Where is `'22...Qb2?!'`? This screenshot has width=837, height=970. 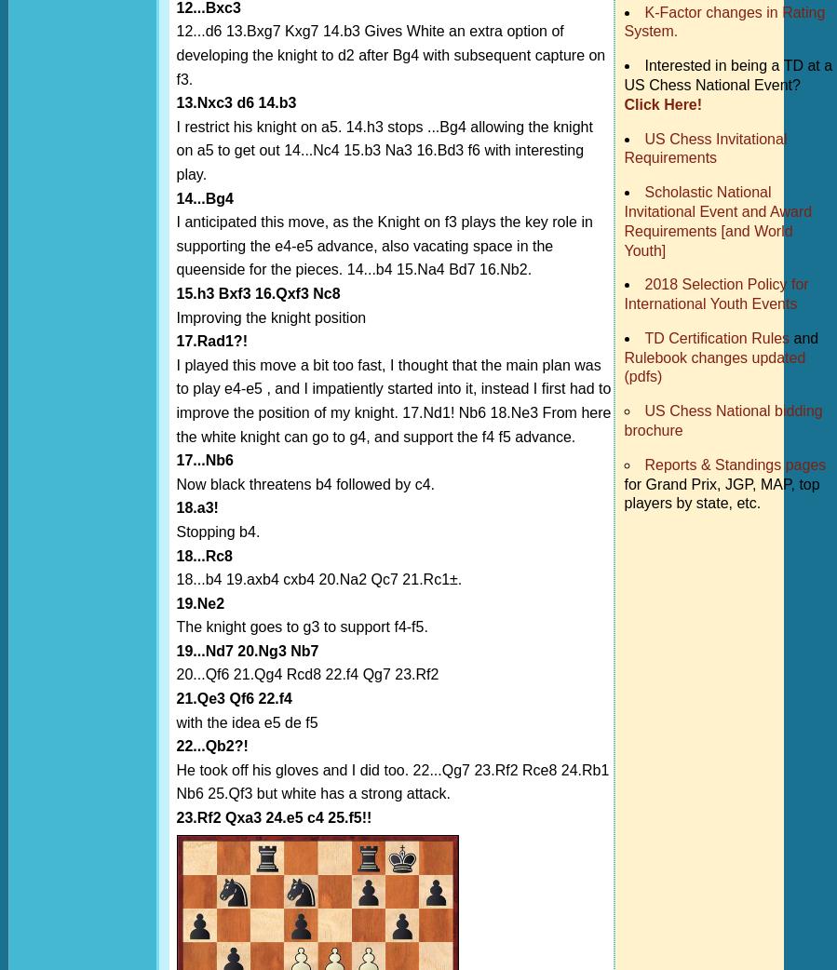
'22...Qb2?!' is located at coordinates (211, 746).